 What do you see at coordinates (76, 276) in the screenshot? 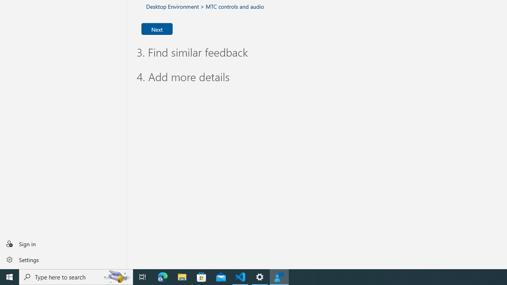
I see `'Type here to search'` at bounding box center [76, 276].